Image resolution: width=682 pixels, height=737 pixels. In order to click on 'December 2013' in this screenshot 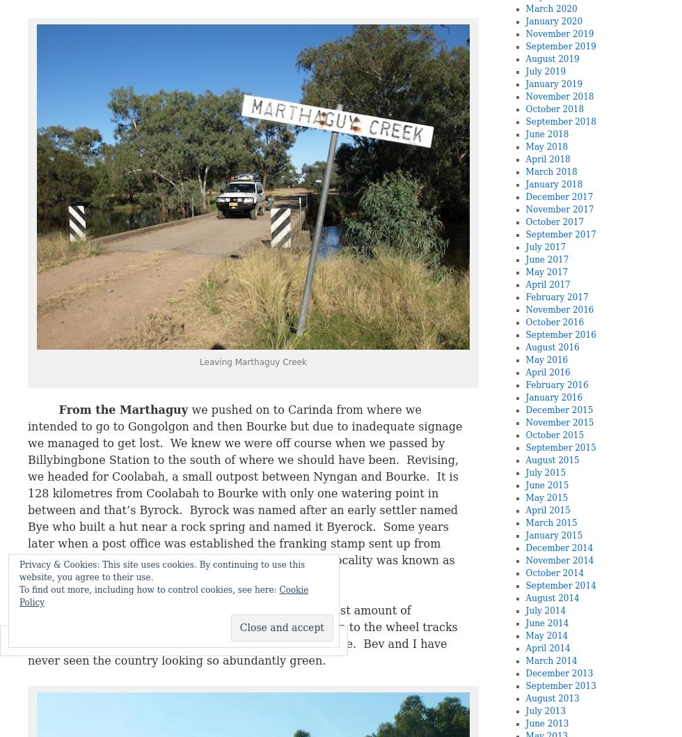, I will do `click(525, 674)`.